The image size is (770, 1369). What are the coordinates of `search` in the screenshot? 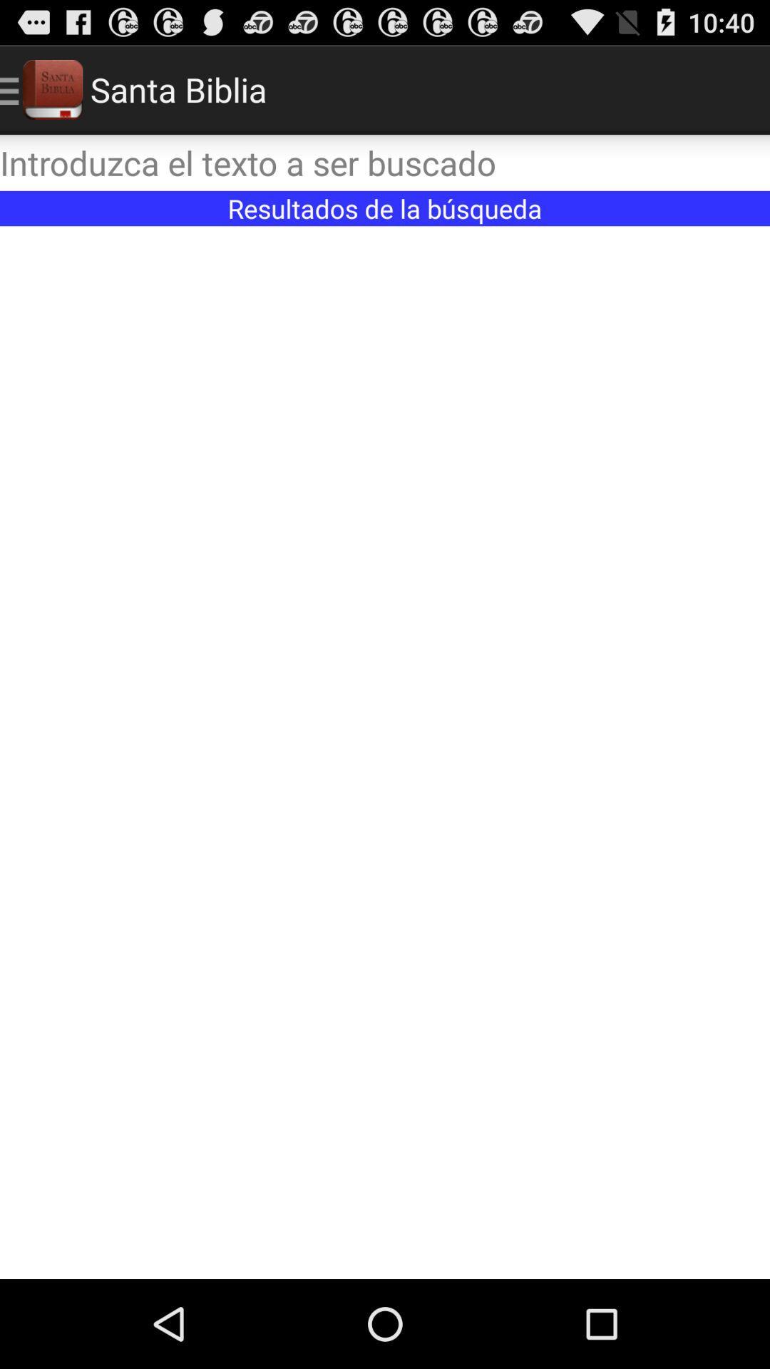 It's located at (385, 163).